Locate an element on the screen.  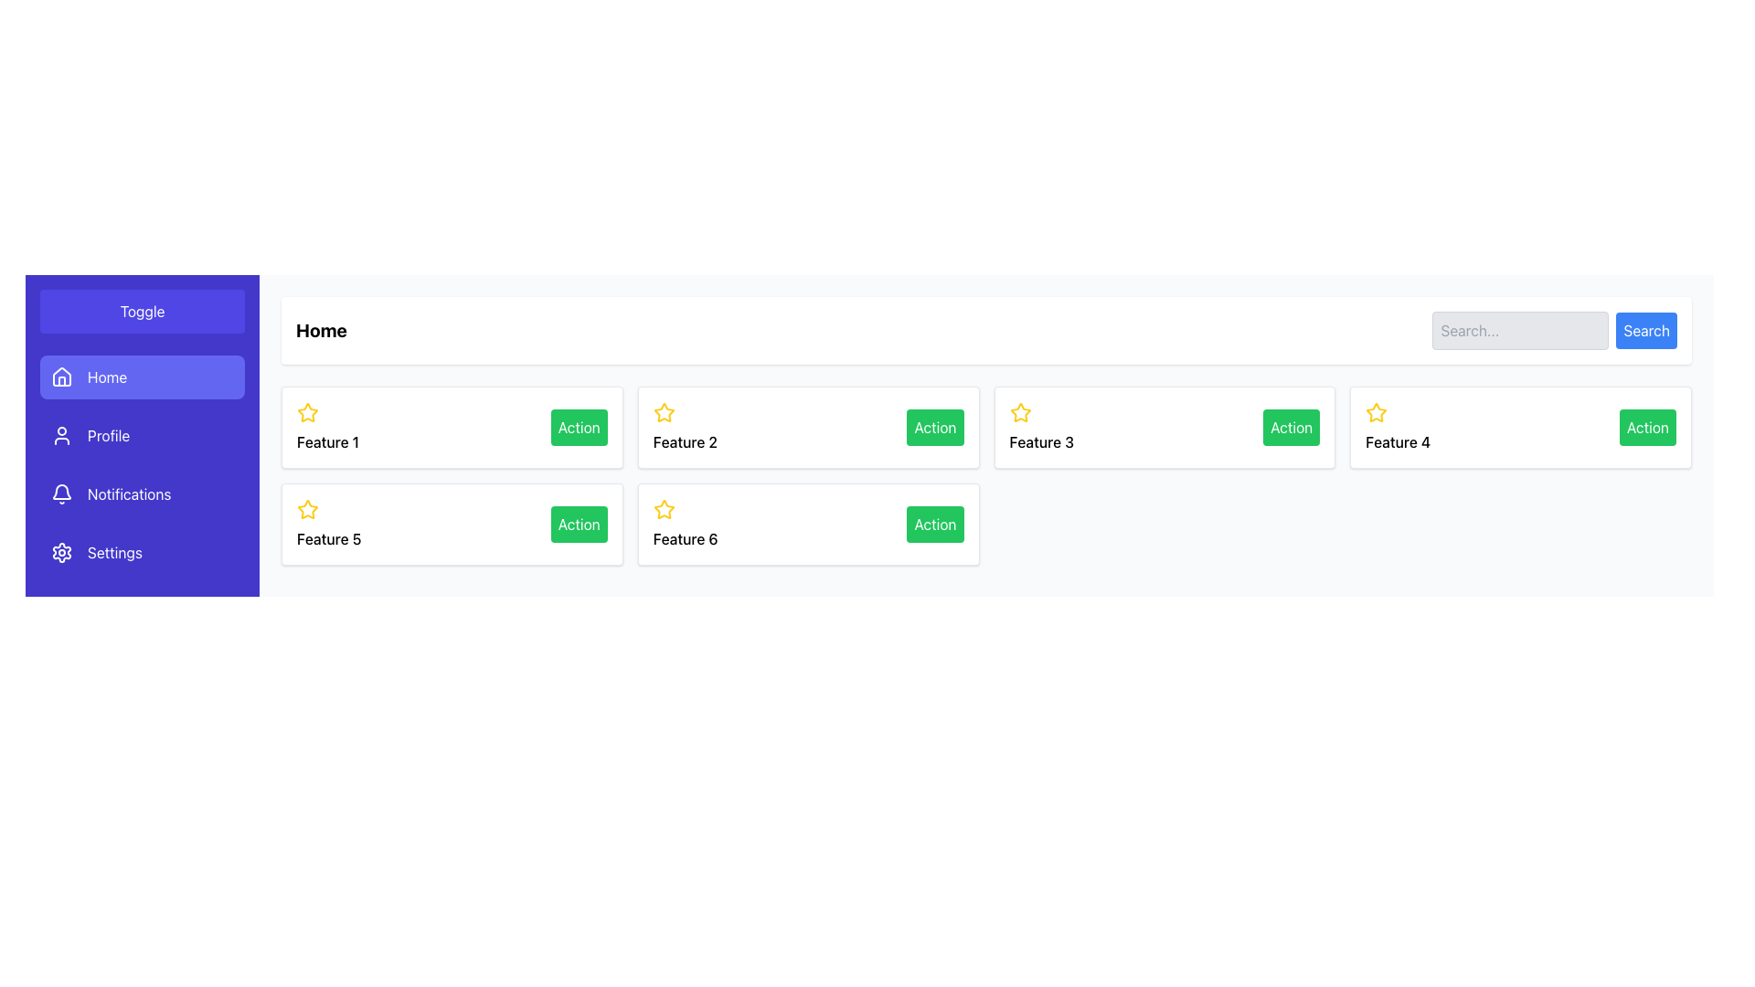
the blue 'Search' button located in the top-right corner of the search bar is located at coordinates (1646, 331).